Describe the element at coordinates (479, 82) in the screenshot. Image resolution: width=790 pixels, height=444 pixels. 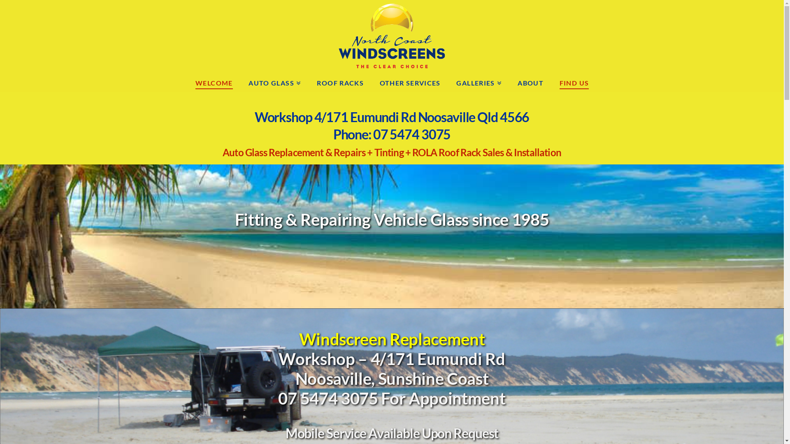
I see `'GALLERIES'` at that location.